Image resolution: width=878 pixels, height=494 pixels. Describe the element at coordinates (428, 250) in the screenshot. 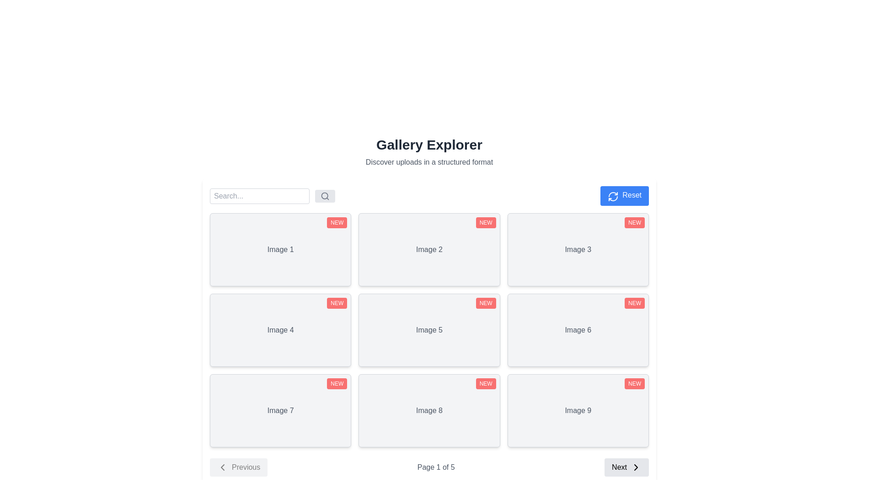

I see `the second card in the 3-column grid layout that is marked as 'NEW'` at that location.